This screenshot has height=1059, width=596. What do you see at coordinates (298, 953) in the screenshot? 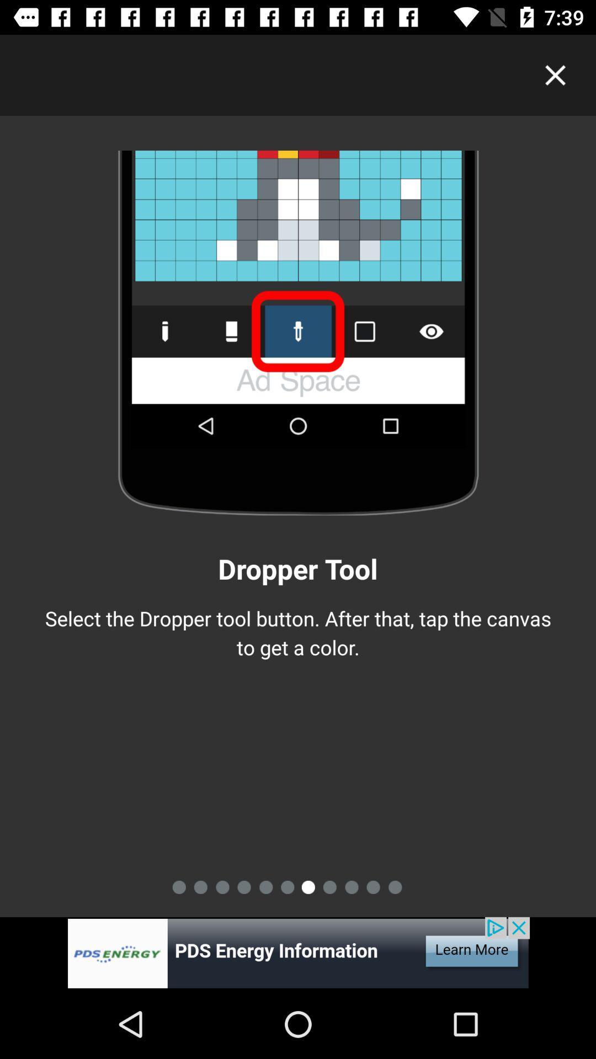
I see `more info button` at bounding box center [298, 953].